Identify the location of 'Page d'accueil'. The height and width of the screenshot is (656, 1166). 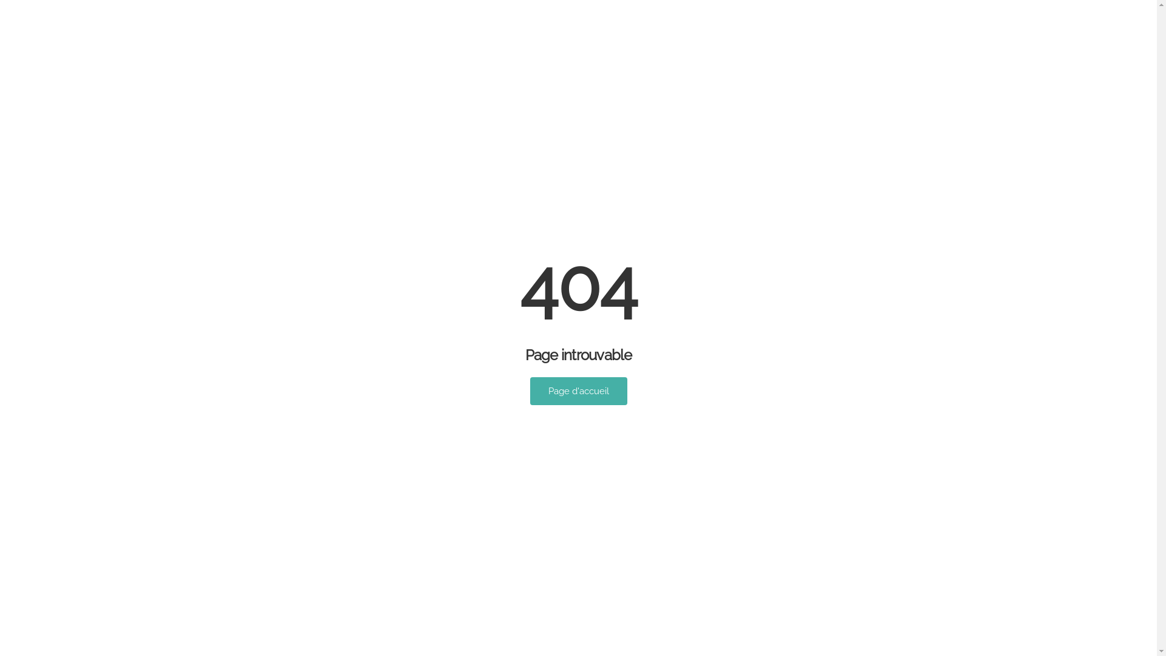
(577, 391).